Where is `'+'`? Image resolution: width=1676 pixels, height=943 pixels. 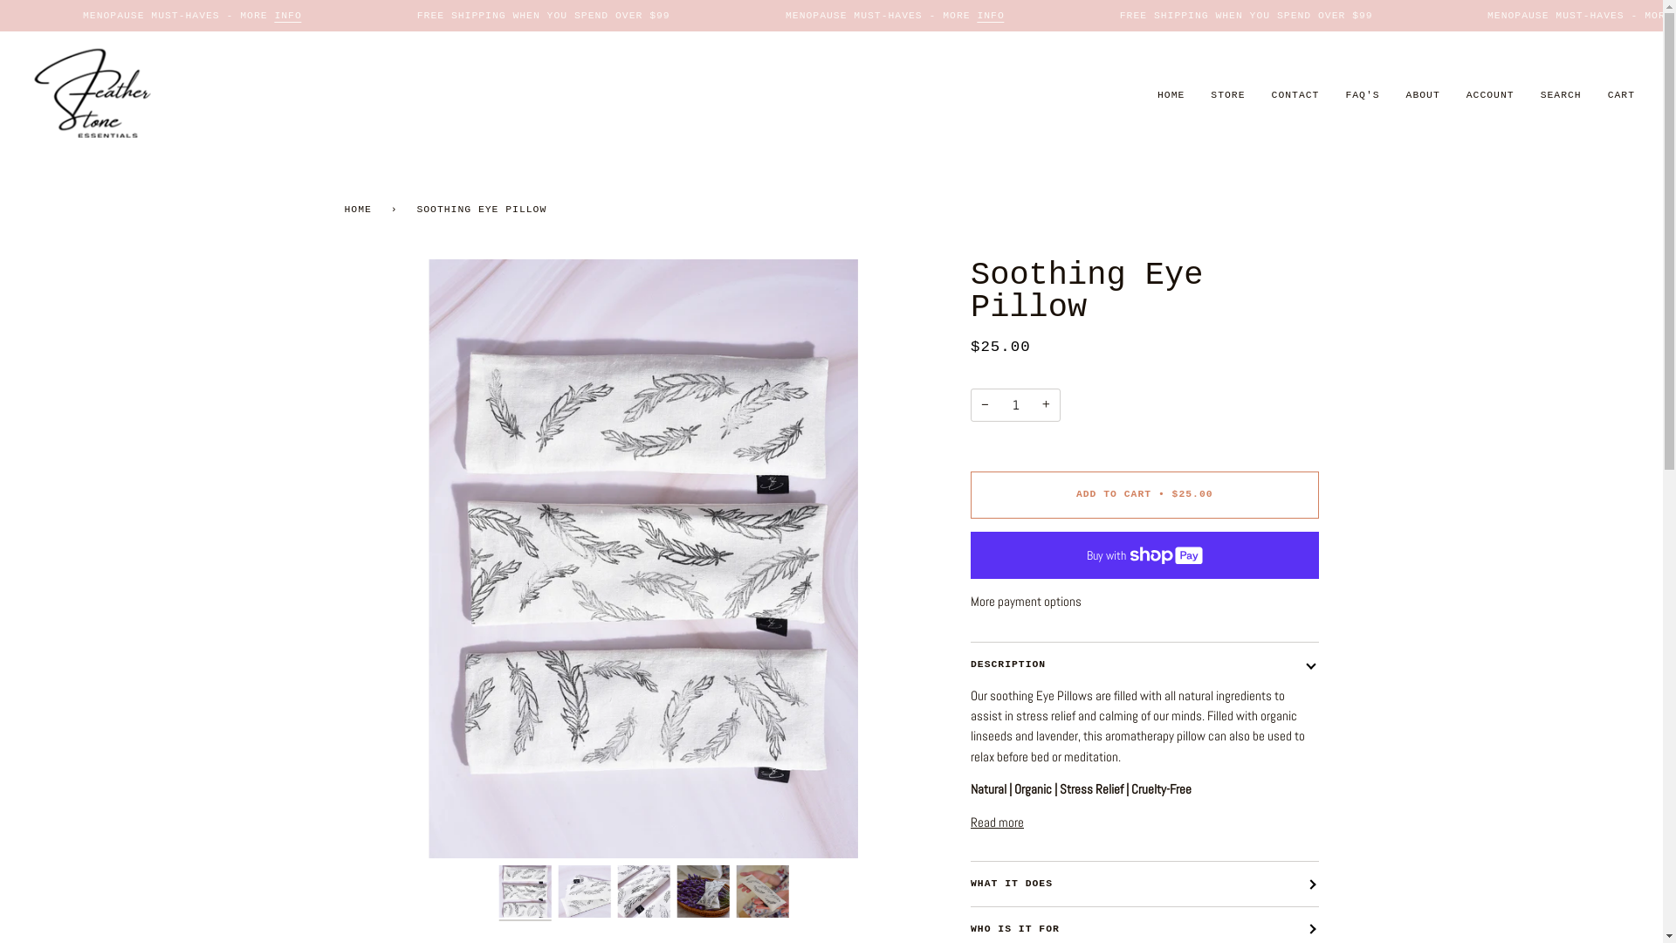 '+' is located at coordinates (1046, 405).